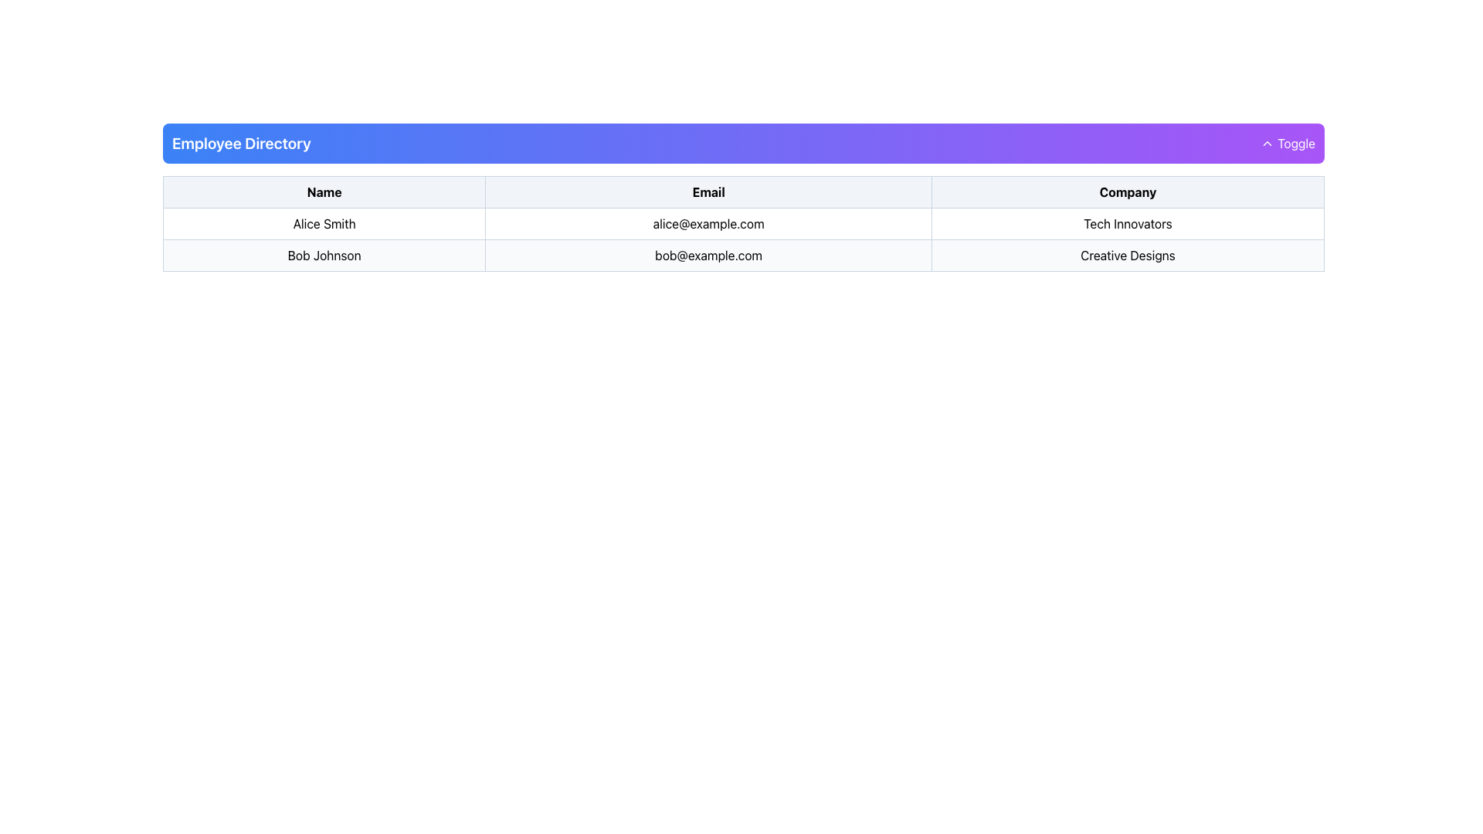 This screenshot has width=1483, height=834. What do you see at coordinates (1128, 223) in the screenshot?
I see `the text element displaying the company name in the last column of the first row of the table, adjacent to 'alice@example.com'` at bounding box center [1128, 223].